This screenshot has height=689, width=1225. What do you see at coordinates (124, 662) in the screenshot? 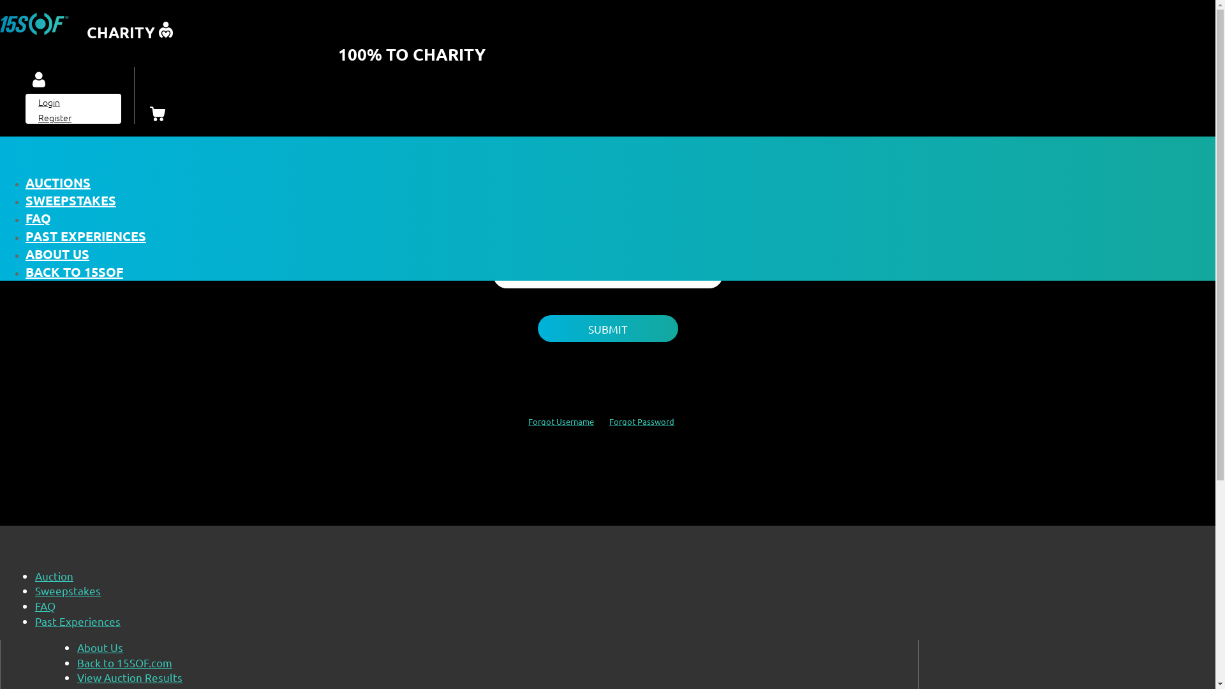
I see `'Back to 15SOF.com'` at bounding box center [124, 662].